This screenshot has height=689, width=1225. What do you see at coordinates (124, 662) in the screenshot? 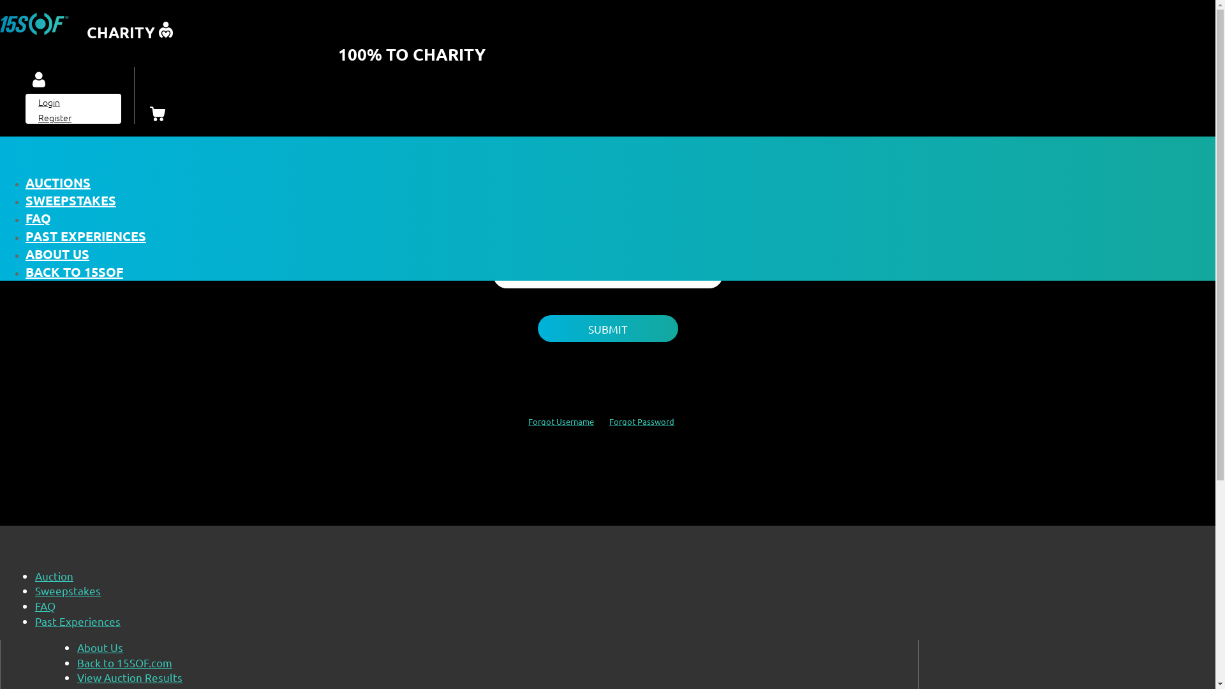
I see `'Back to 15SOF.com'` at bounding box center [124, 662].